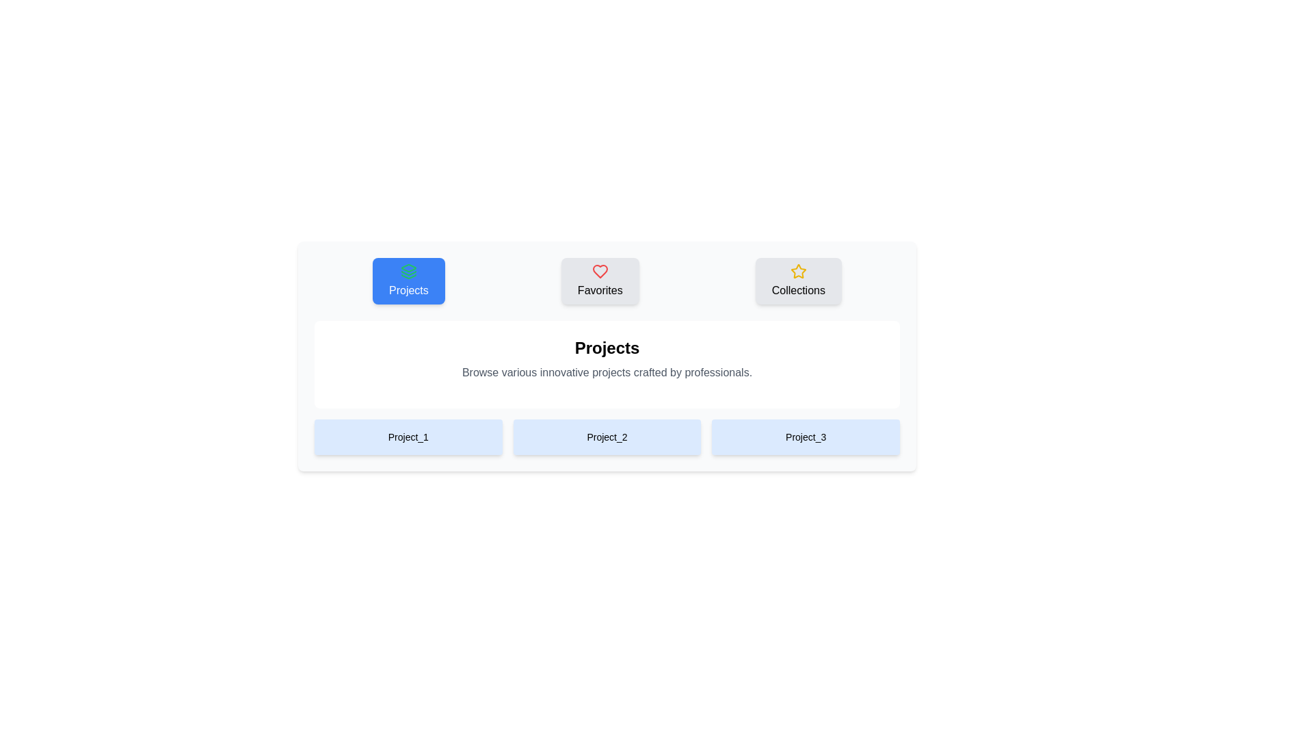  I want to click on the Projects Tab to observe the visual effect, so click(408, 281).